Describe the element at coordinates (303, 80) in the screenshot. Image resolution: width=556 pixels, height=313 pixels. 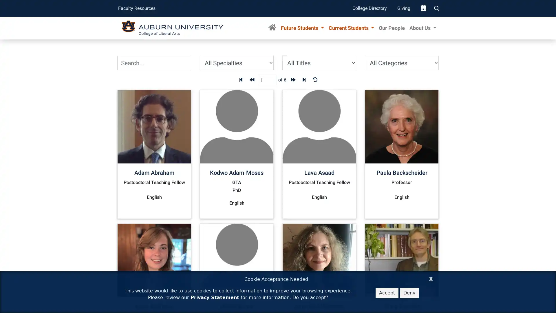
I see `Last page` at that location.